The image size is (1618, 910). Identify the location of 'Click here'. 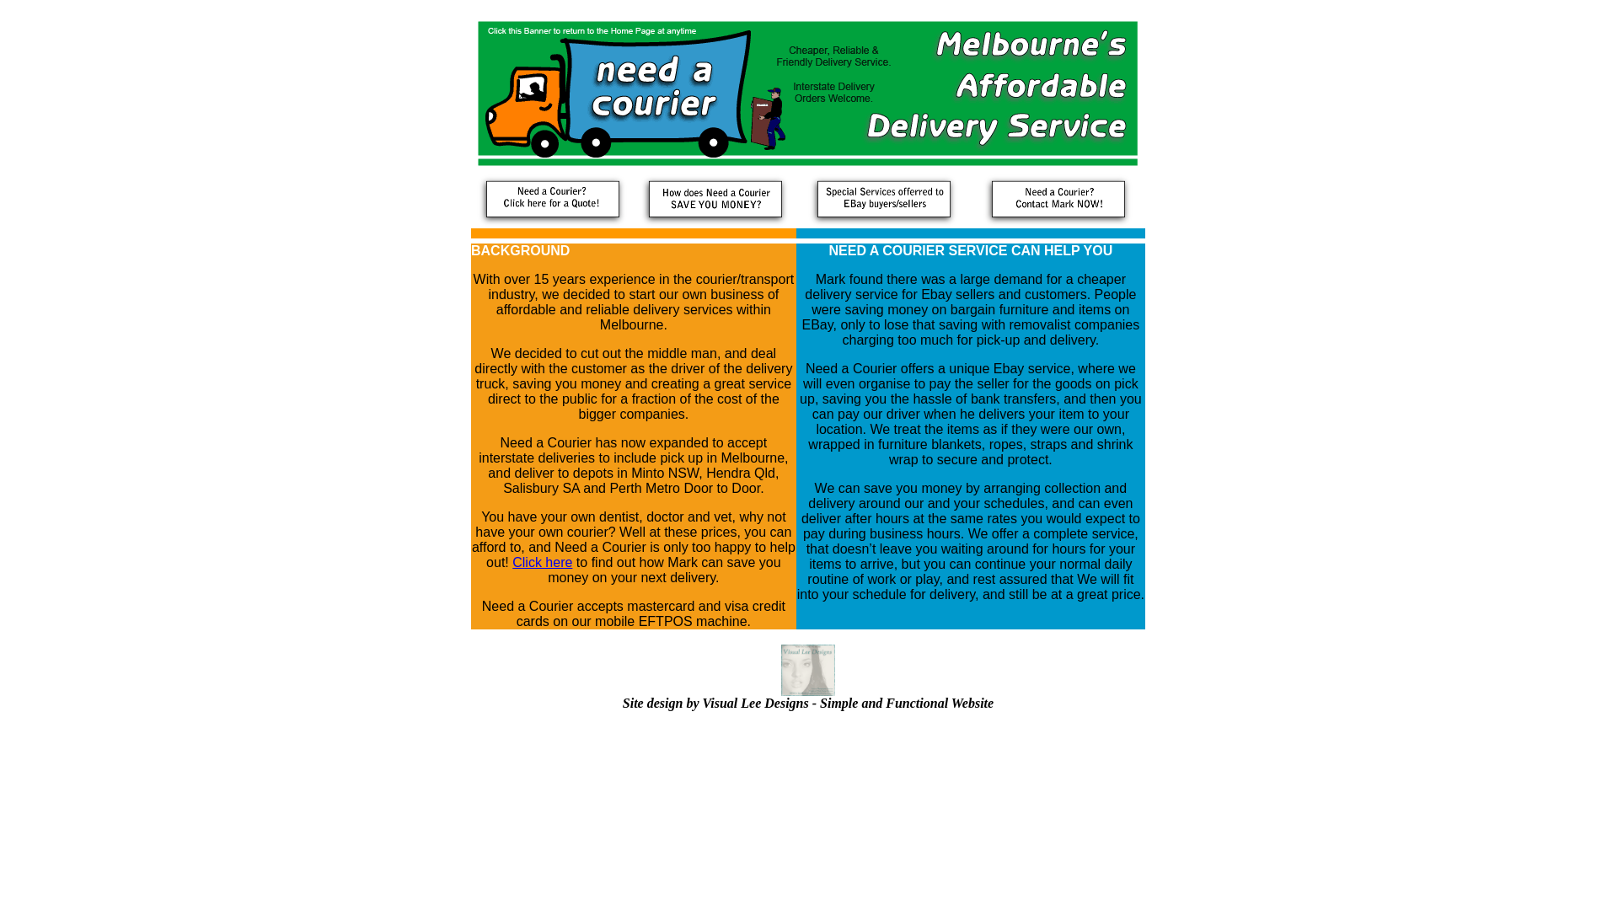
(542, 562).